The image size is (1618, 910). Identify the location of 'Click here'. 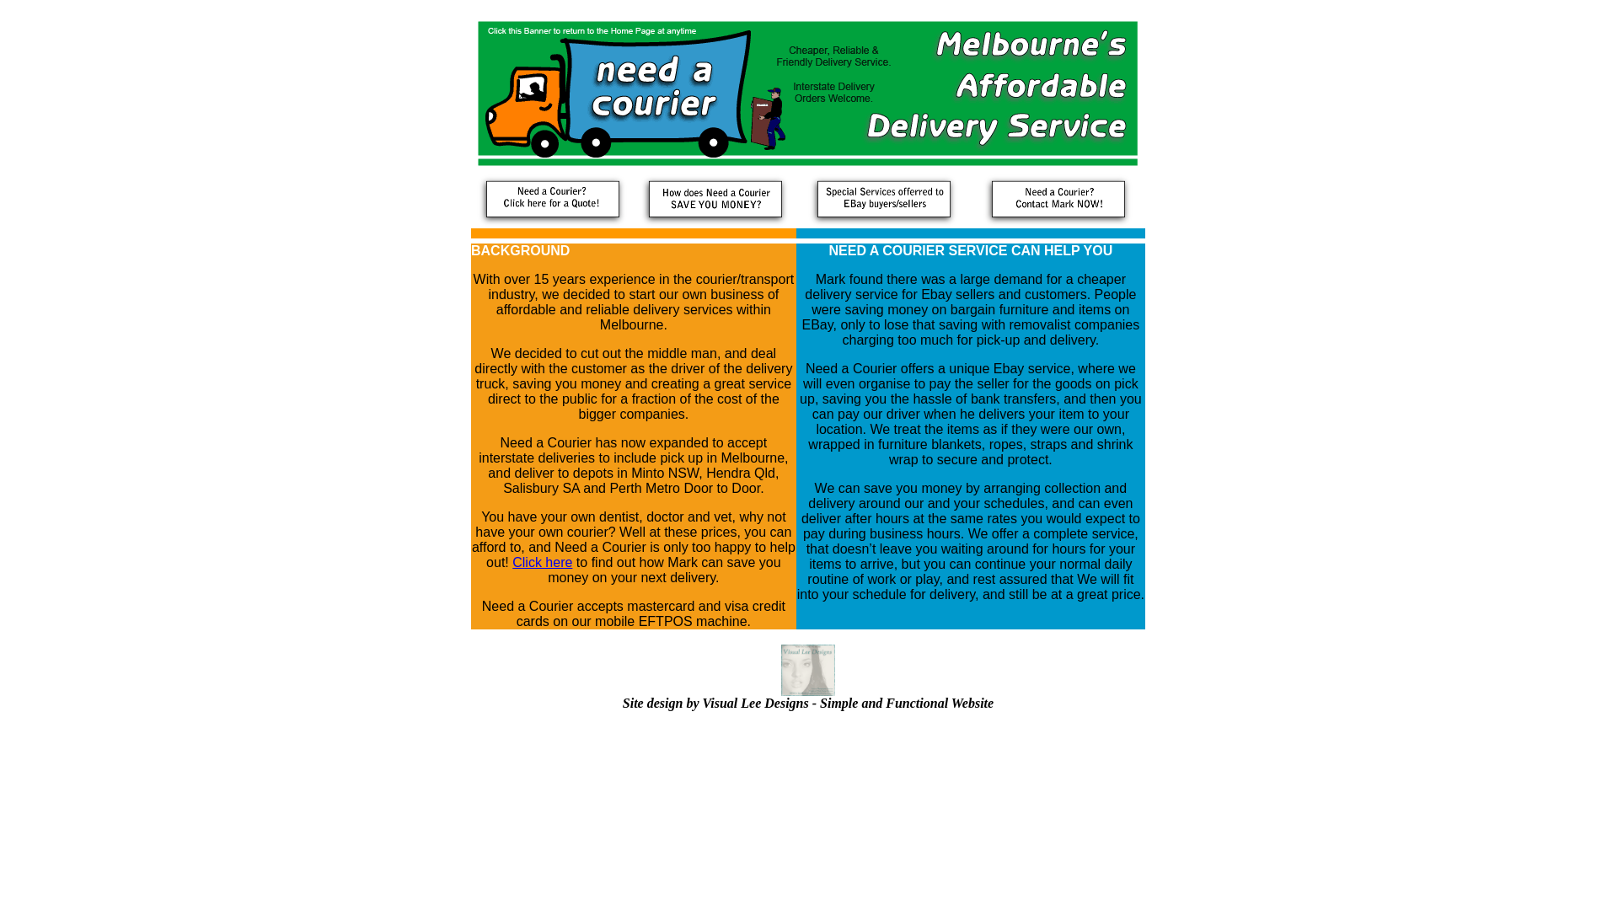
(542, 562).